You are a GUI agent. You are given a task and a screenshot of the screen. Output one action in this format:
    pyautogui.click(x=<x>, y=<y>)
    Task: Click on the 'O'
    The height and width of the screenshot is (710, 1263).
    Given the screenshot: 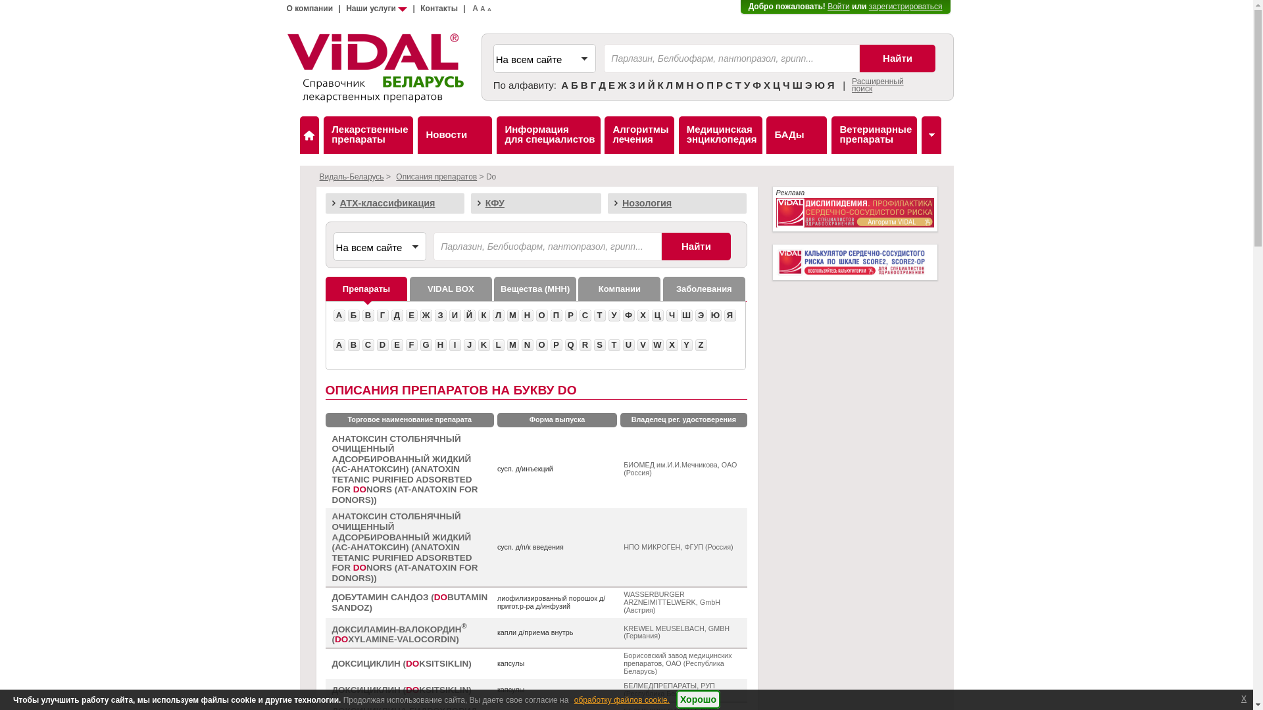 What is the action you would take?
    pyautogui.click(x=535, y=344)
    